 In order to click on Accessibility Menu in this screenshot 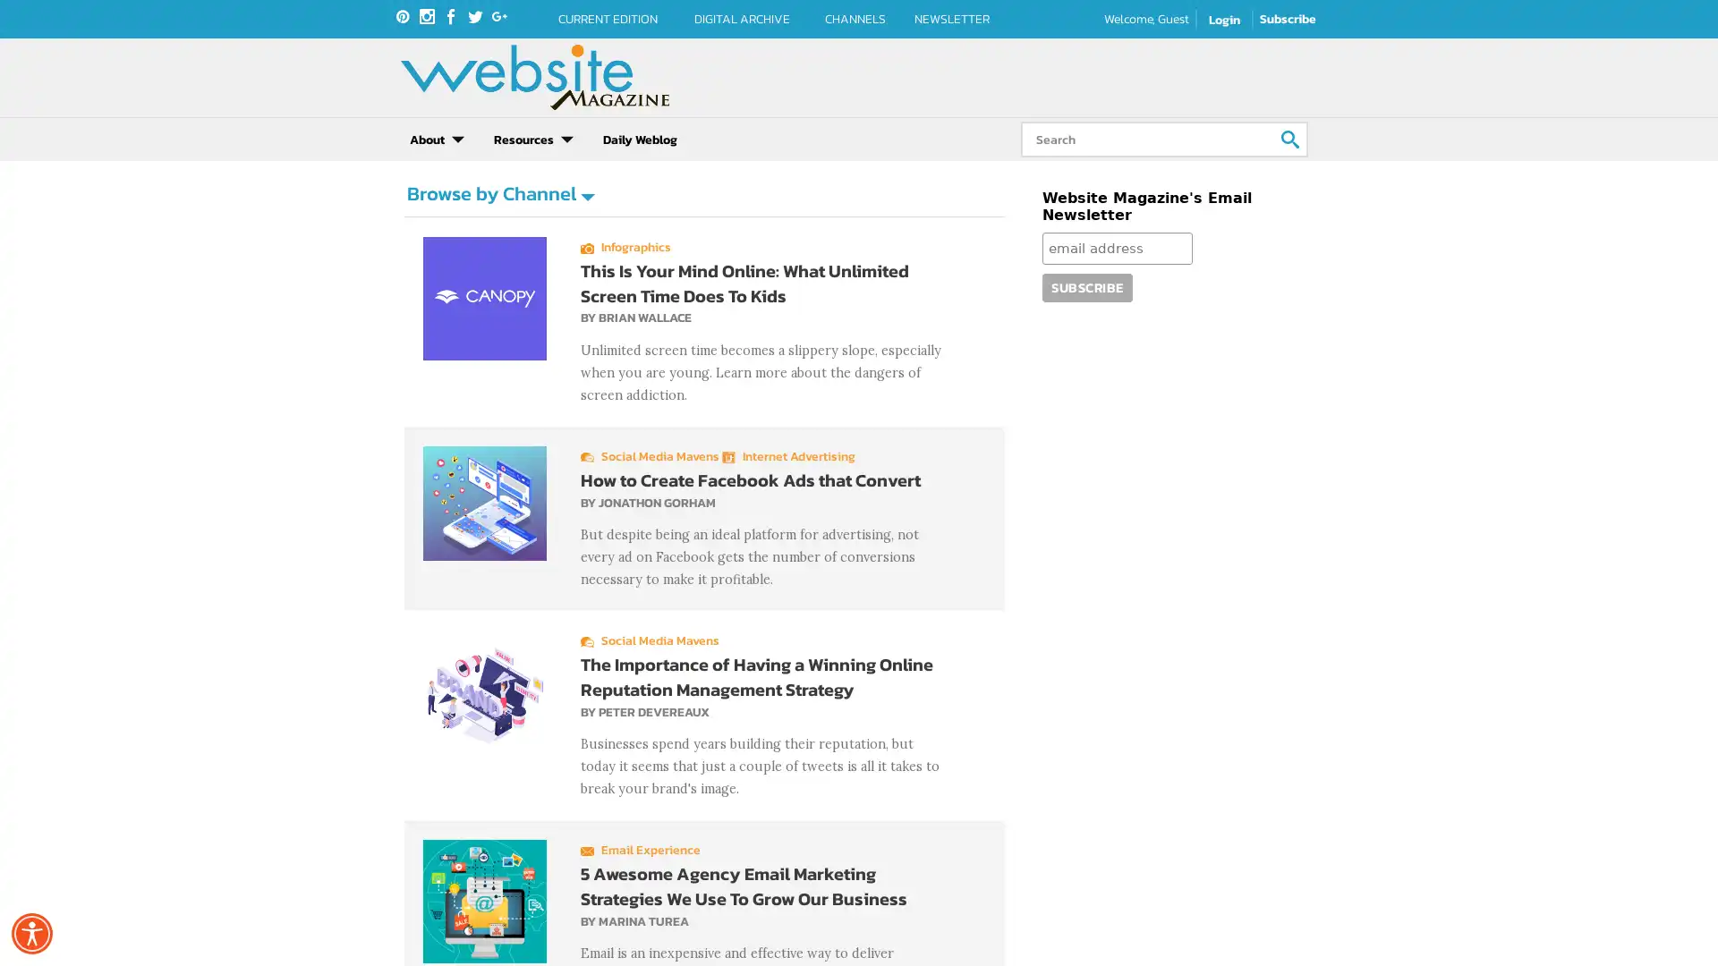, I will do `click(31, 933)`.